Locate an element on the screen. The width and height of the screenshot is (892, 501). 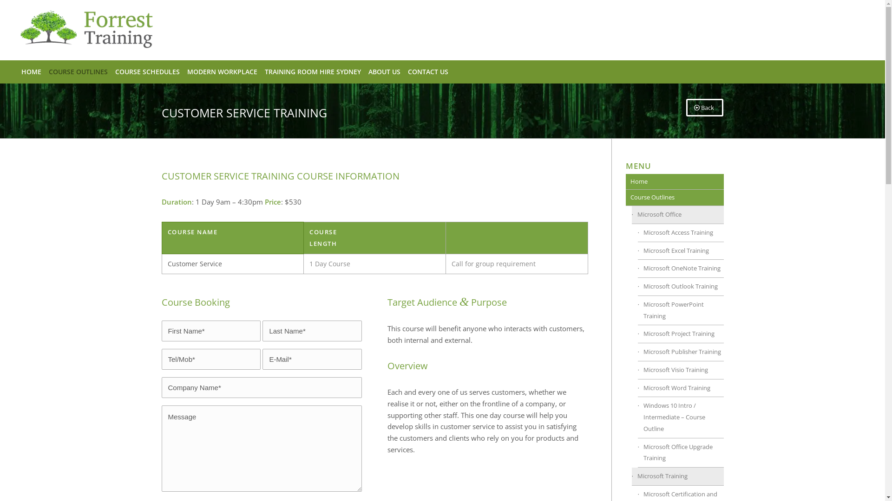
'Microsoft Outlook Training' is located at coordinates (680, 286).